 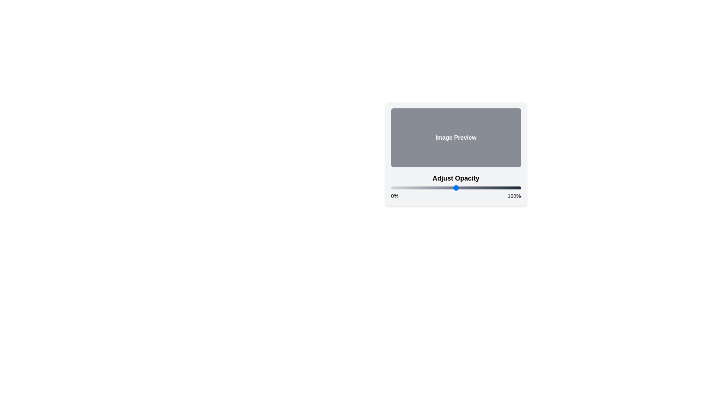 I want to click on slider value, so click(x=483, y=187).